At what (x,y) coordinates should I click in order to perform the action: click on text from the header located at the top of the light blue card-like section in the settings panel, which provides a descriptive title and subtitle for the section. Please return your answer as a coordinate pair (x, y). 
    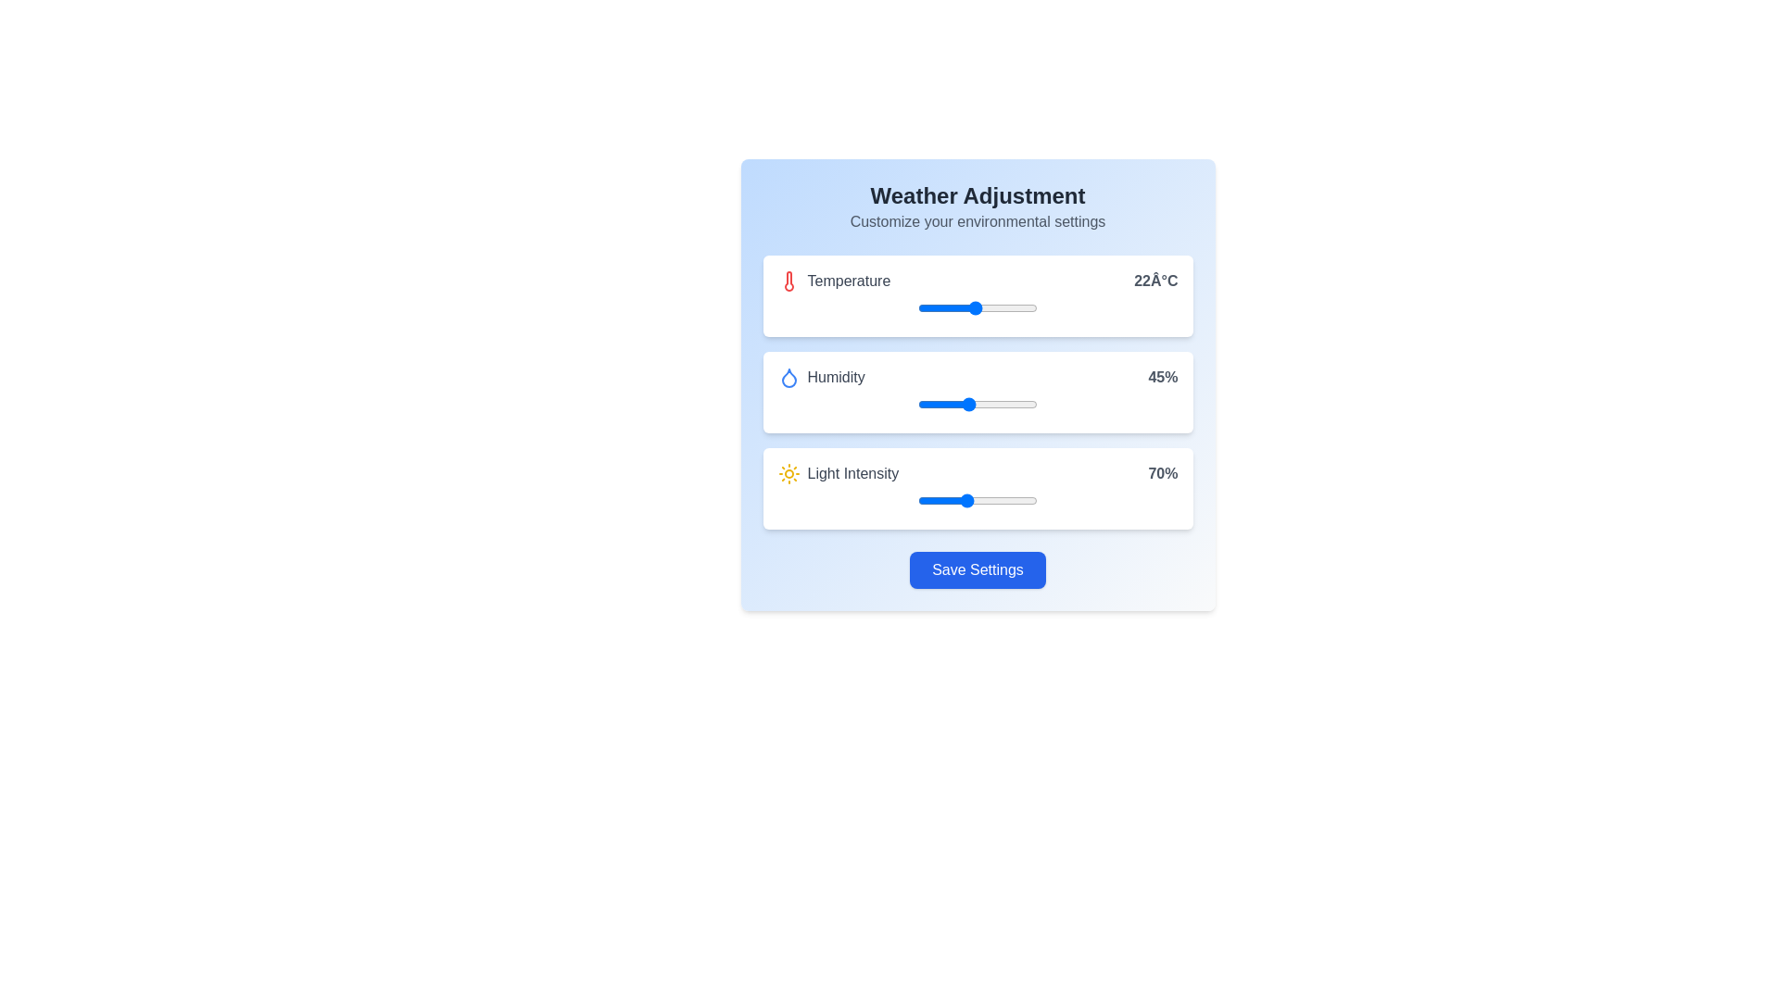
    Looking at the image, I should click on (977, 206).